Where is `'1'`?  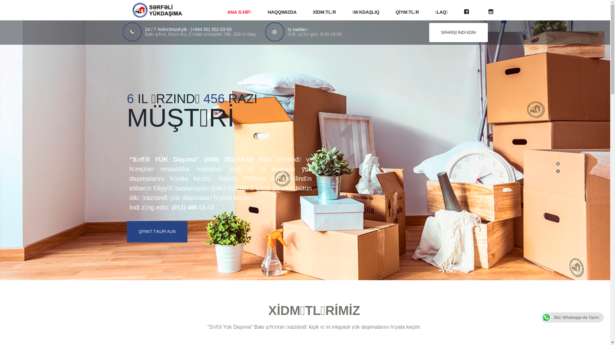
'1' is located at coordinates (558, 164).